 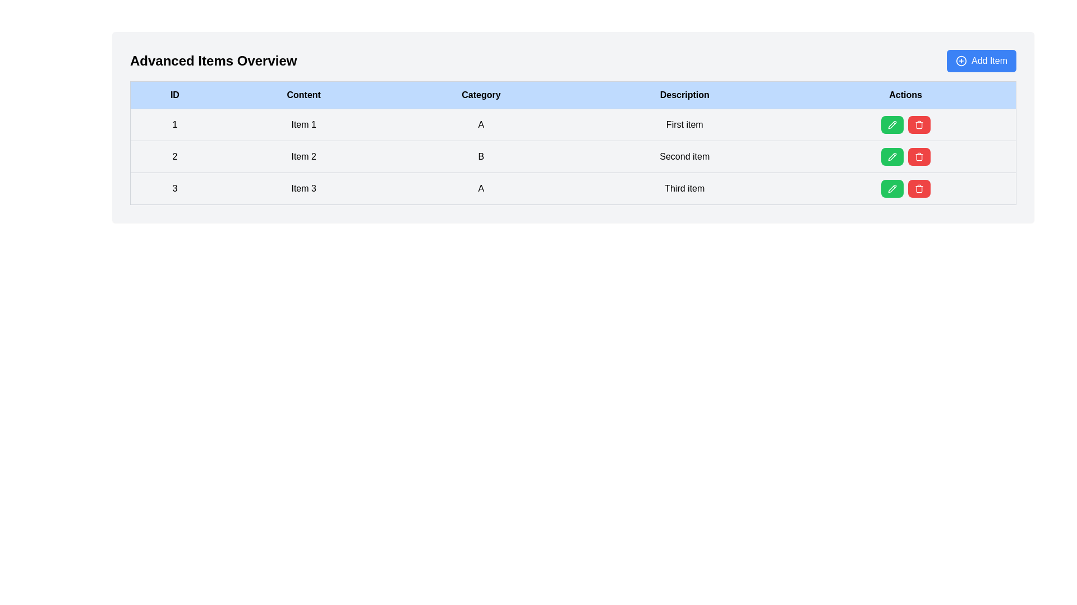 I want to click on the Text label displaying the content description for ID '2' in the second column of the table, so click(x=303, y=157).